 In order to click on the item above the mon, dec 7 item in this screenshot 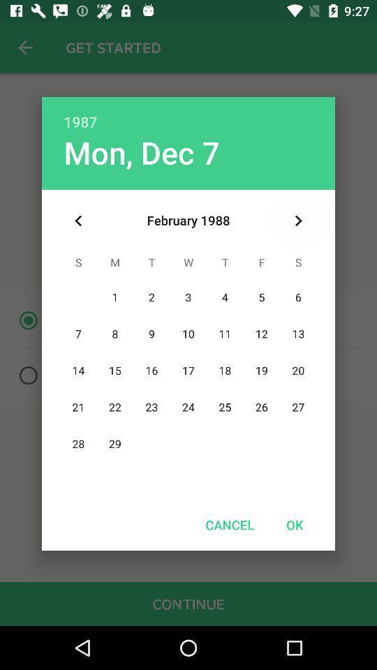, I will do `click(188, 113)`.